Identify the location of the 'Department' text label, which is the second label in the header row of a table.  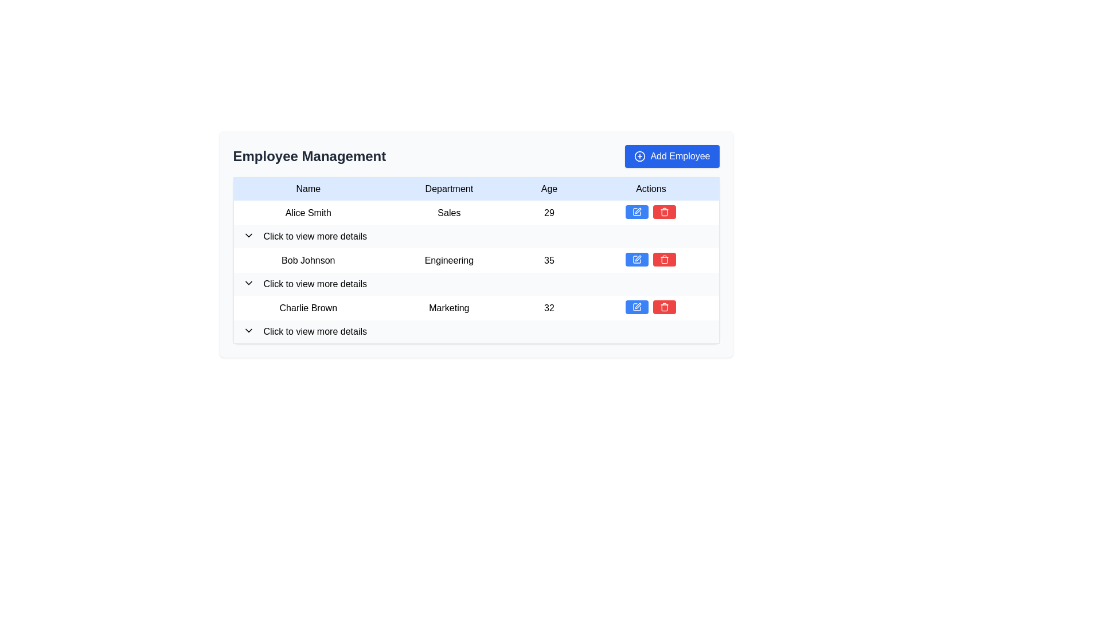
(448, 188).